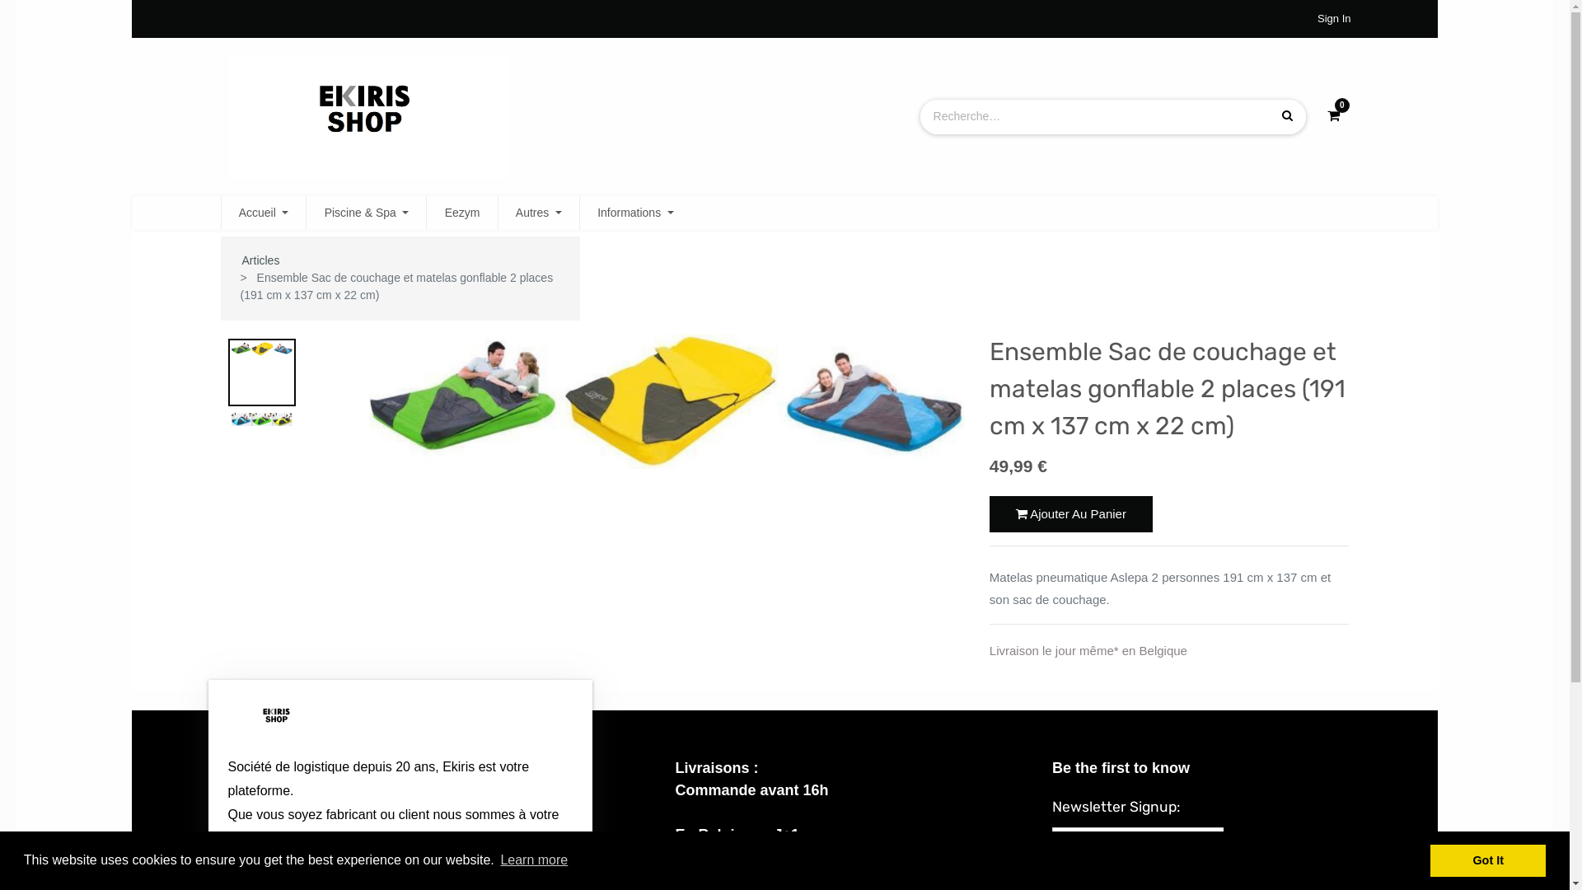  Describe the element at coordinates (260, 260) in the screenshot. I see `'Articles'` at that location.